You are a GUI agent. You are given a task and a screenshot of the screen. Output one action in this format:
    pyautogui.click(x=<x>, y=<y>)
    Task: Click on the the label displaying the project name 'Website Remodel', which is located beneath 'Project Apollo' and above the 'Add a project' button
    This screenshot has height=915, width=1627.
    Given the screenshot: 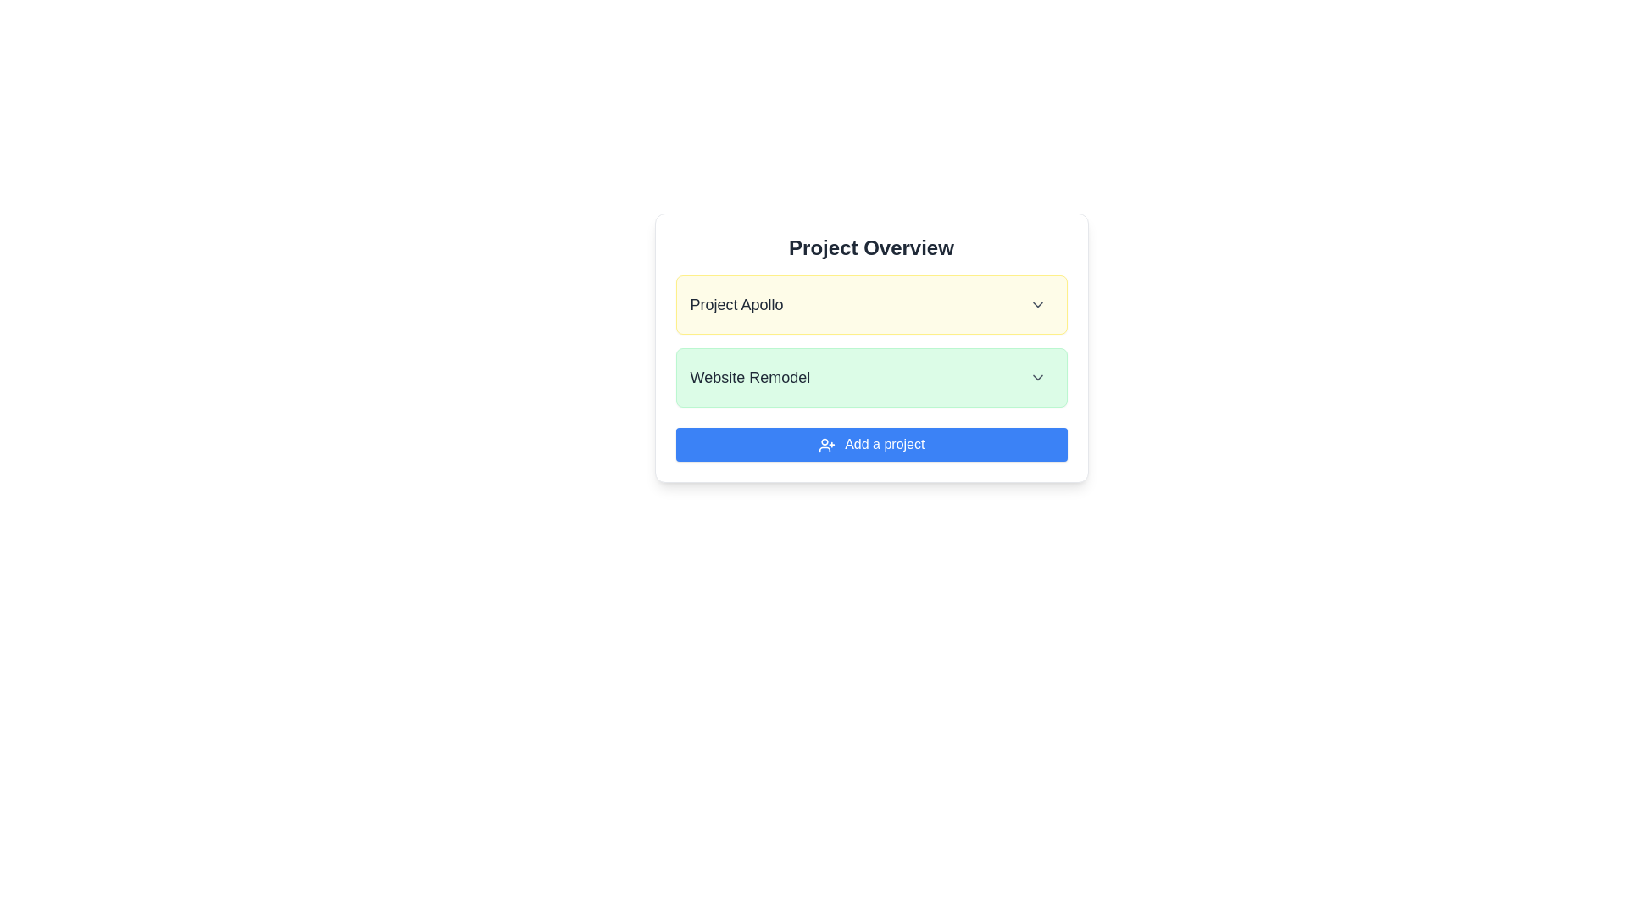 What is the action you would take?
    pyautogui.click(x=749, y=377)
    